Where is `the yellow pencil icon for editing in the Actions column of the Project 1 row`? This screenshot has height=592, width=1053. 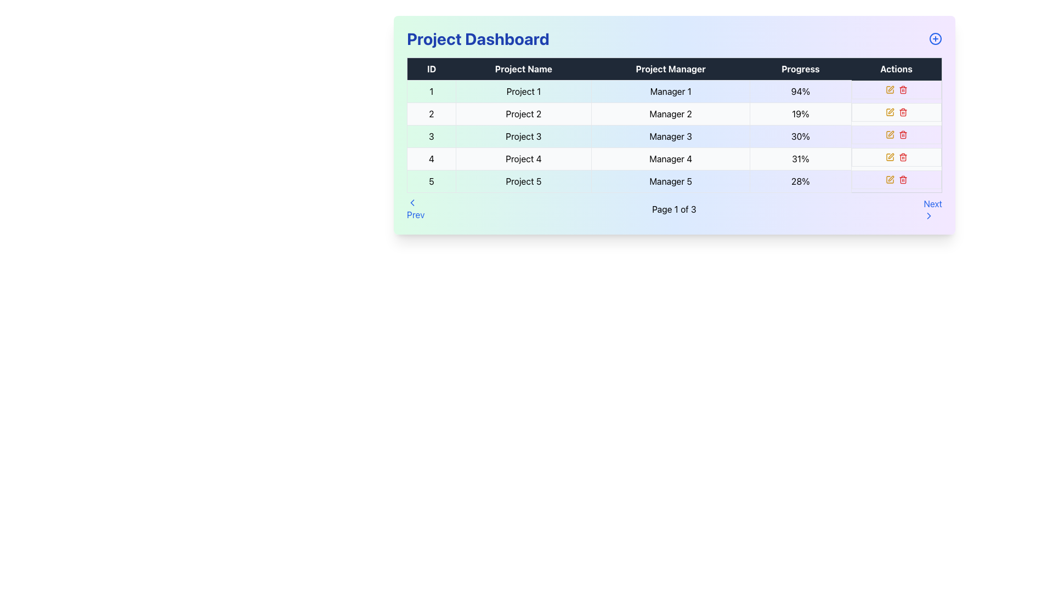
the yellow pencil icon for editing in the Actions column of the Project 1 row is located at coordinates (896, 89).